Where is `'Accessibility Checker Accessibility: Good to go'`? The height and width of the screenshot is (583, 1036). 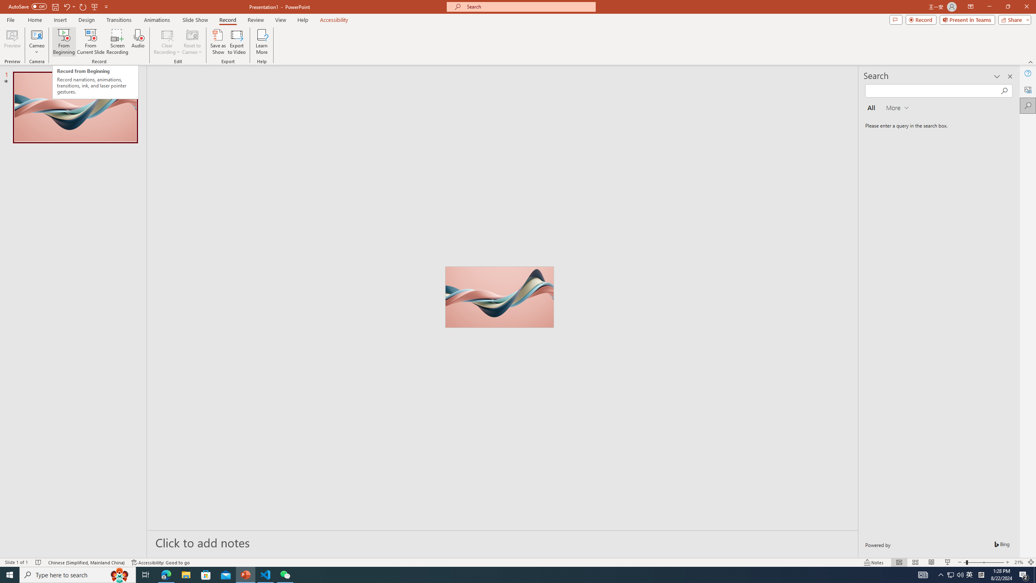 'Accessibility Checker Accessibility: Good to go' is located at coordinates (161, 562).